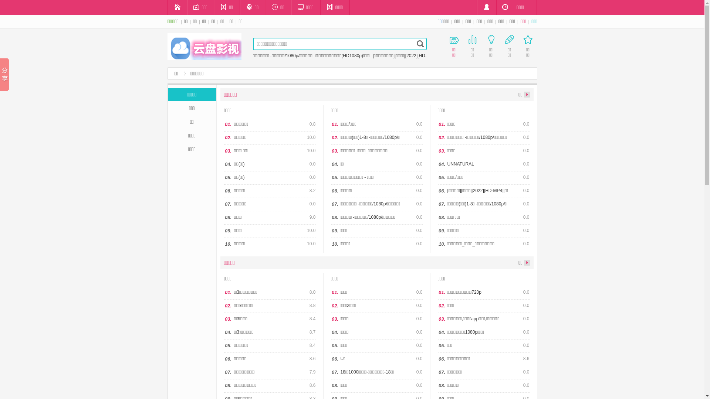 The width and height of the screenshot is (710, 399). I want to click on '04., so click(438, 164).